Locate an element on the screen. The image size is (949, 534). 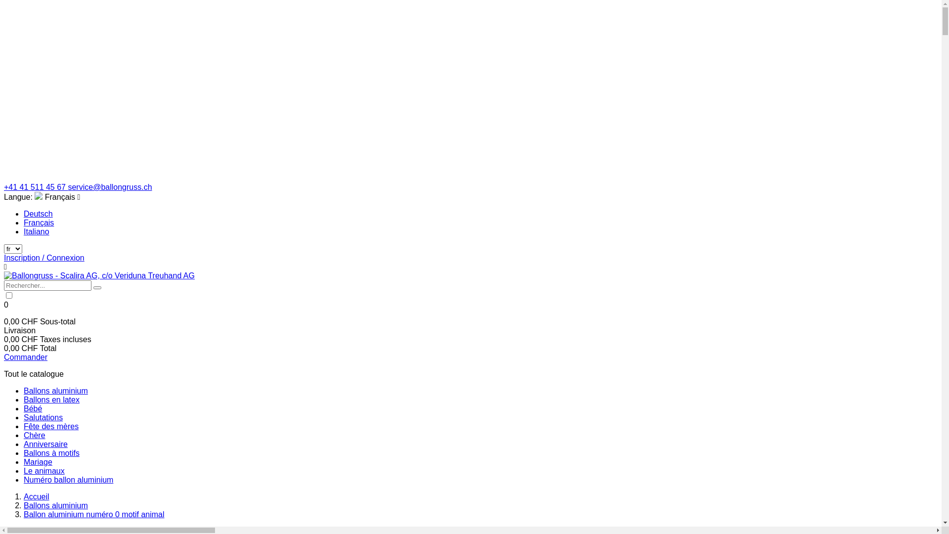
'Accueil' is located at coordinates (36, 496).